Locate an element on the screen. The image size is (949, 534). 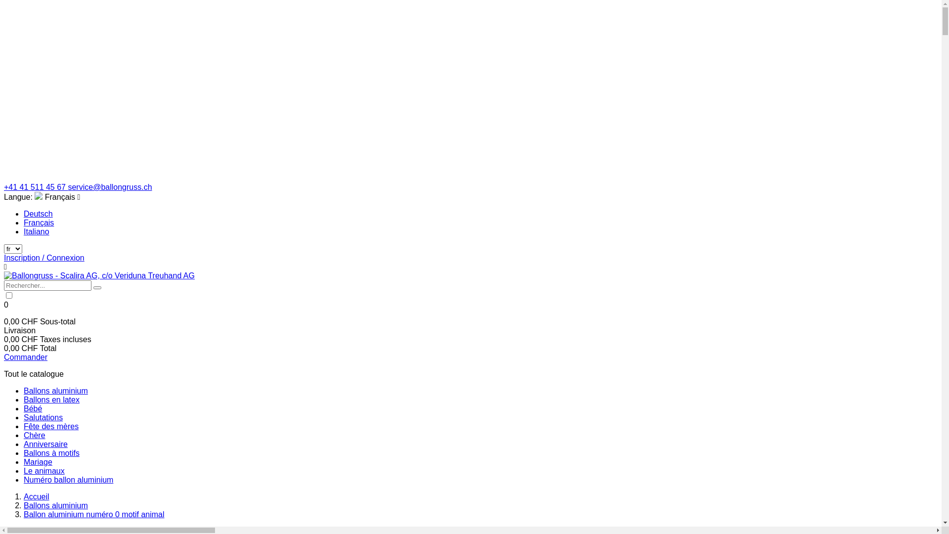
'Accueil' is located at coordinates (36, 496).